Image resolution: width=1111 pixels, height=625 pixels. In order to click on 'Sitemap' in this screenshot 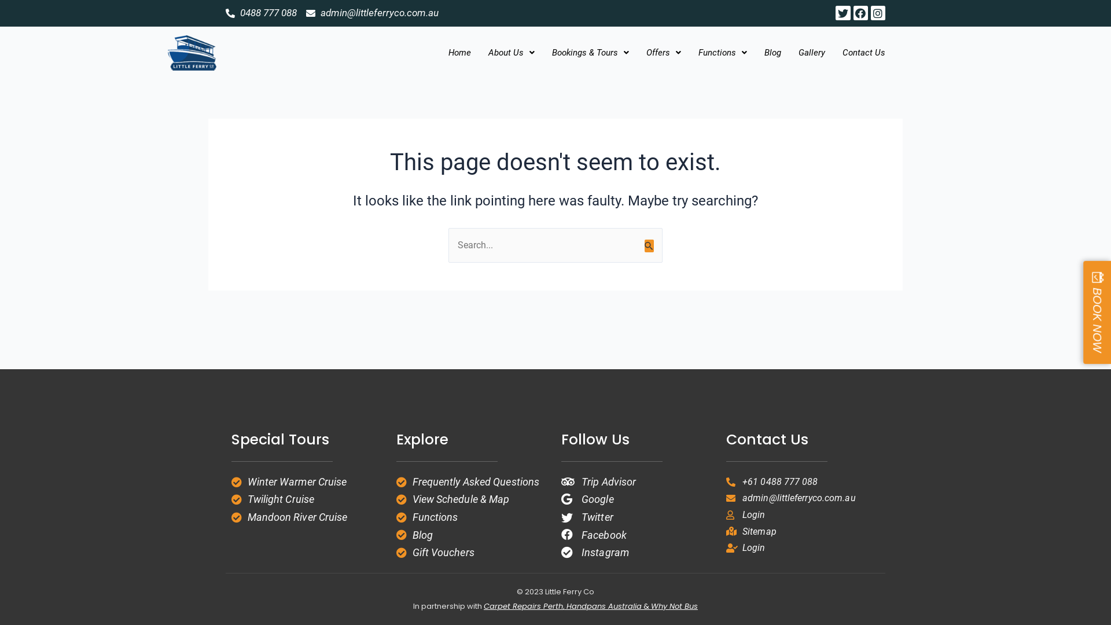, I will do `click(802, 531)`.